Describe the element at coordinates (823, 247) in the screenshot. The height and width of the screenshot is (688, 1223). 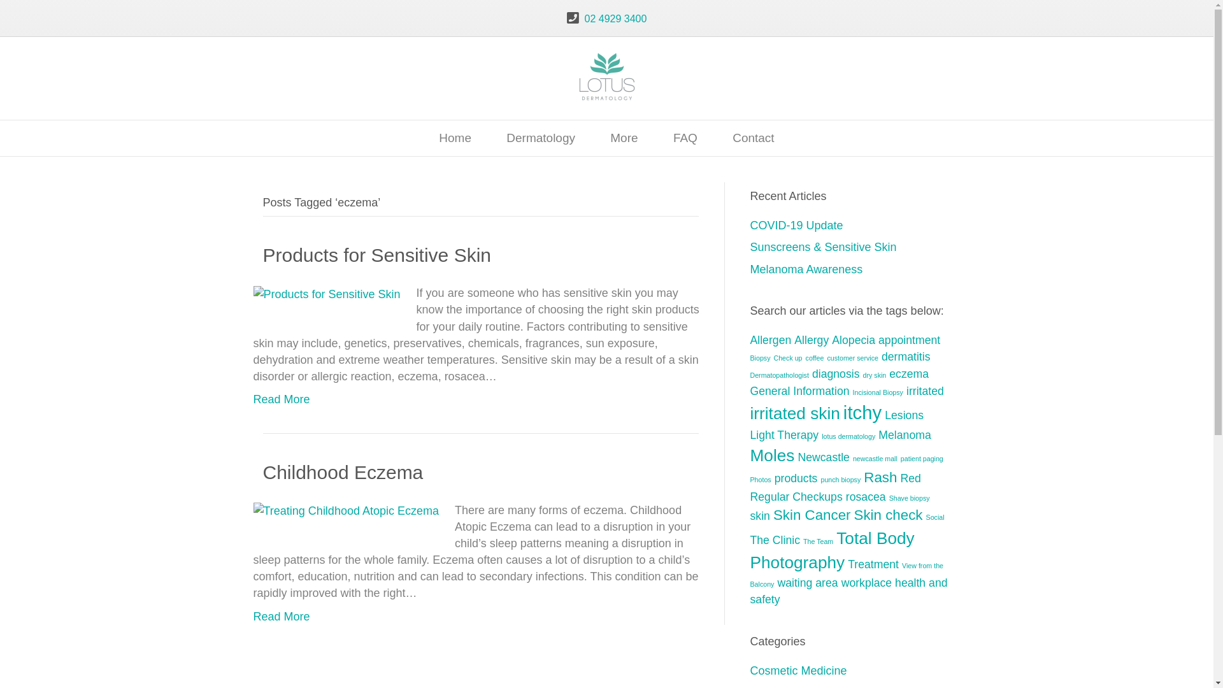
I see `'Sunscreens & Sensitive Skin'` at that location.